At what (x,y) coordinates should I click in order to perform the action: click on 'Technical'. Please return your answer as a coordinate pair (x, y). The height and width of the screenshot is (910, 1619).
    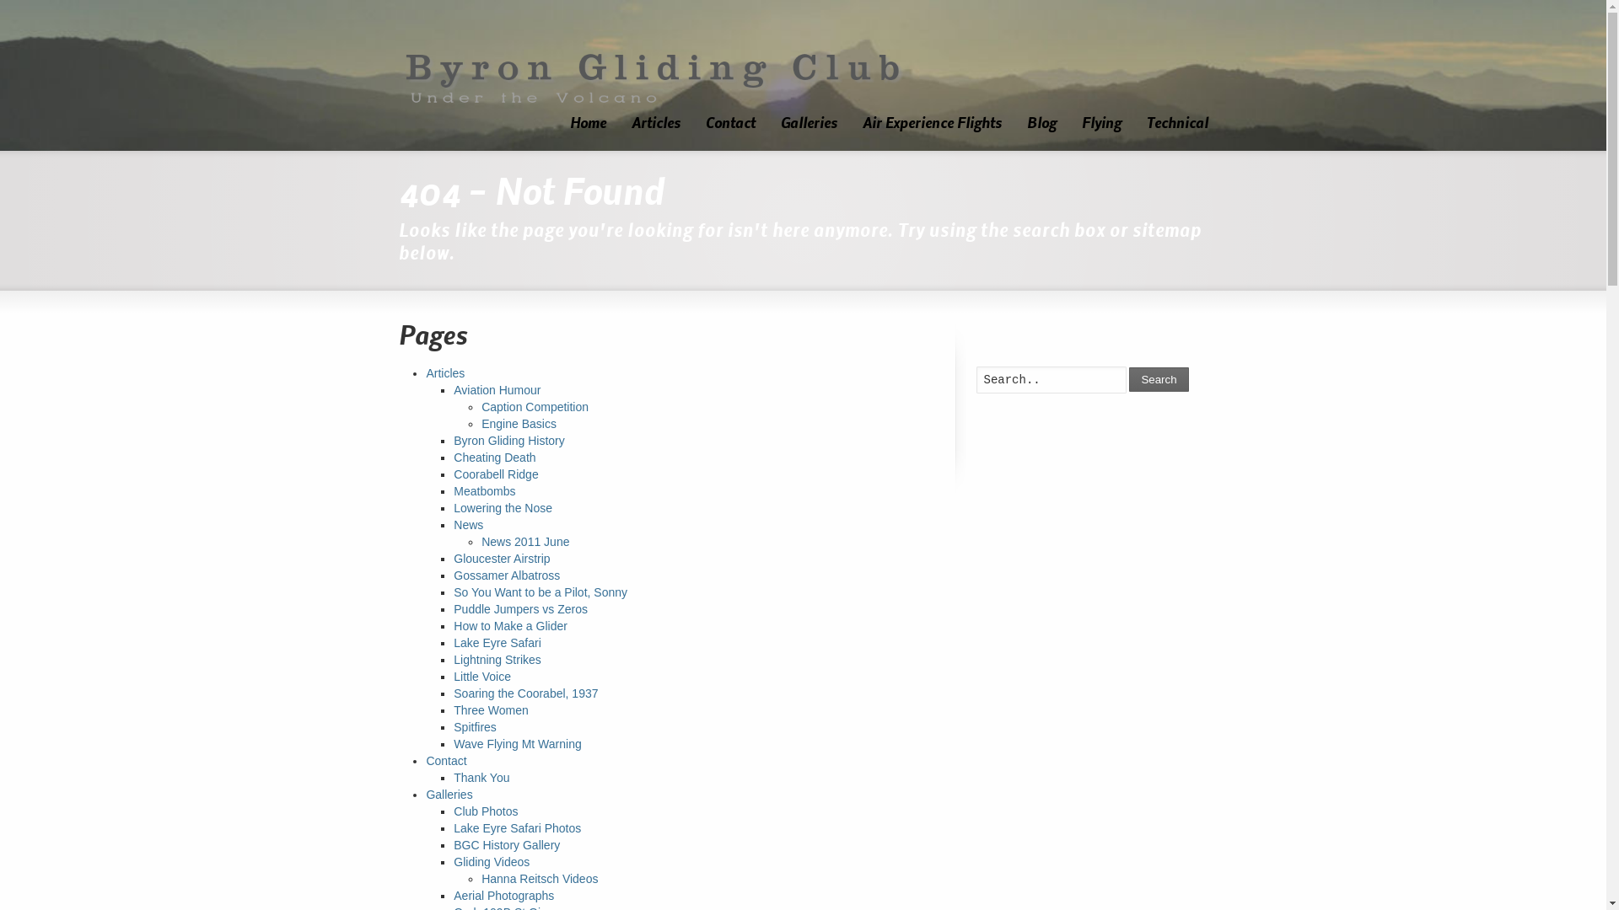
    Looking at the image, I should click on (1175, 125).